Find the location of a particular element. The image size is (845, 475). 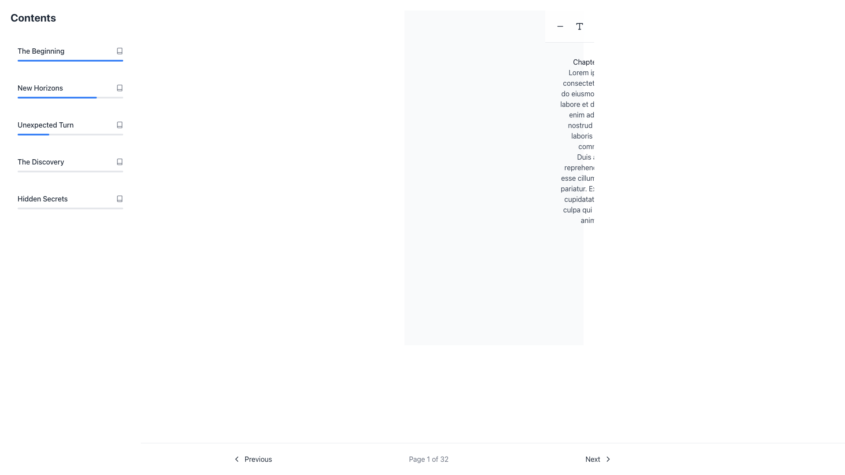

the progress bar representing the completion percentage for the 'New Horizons' section, located below the text label 'New Horizons' is located at coordinates (70, 98).